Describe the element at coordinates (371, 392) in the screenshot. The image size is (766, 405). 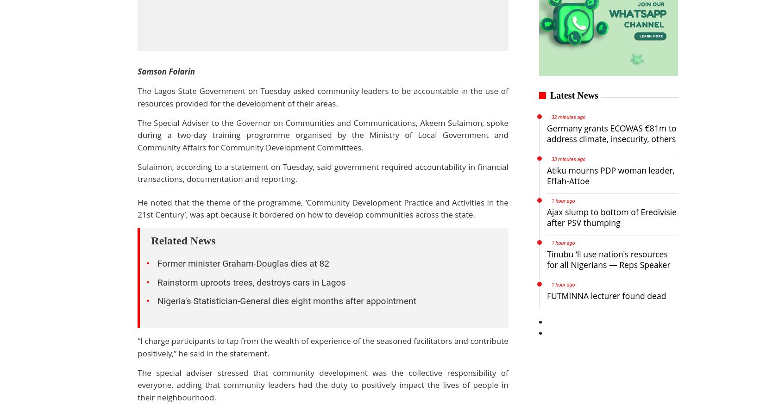
I see `'Spice'` at that location.